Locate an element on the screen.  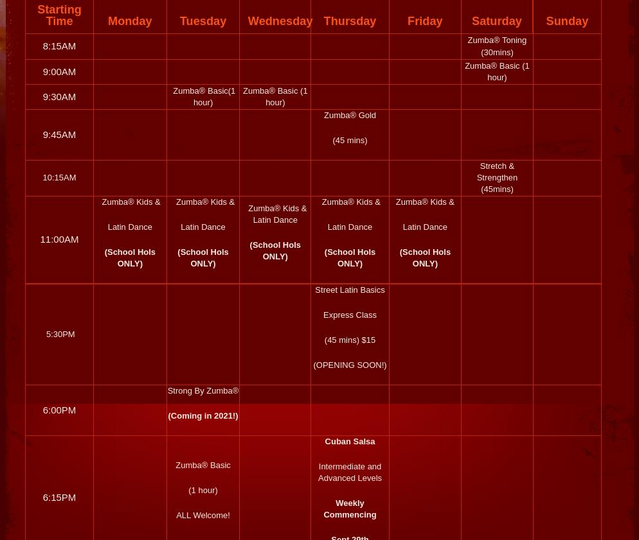
'(1 hour)' is located at coordinates (203, 490).